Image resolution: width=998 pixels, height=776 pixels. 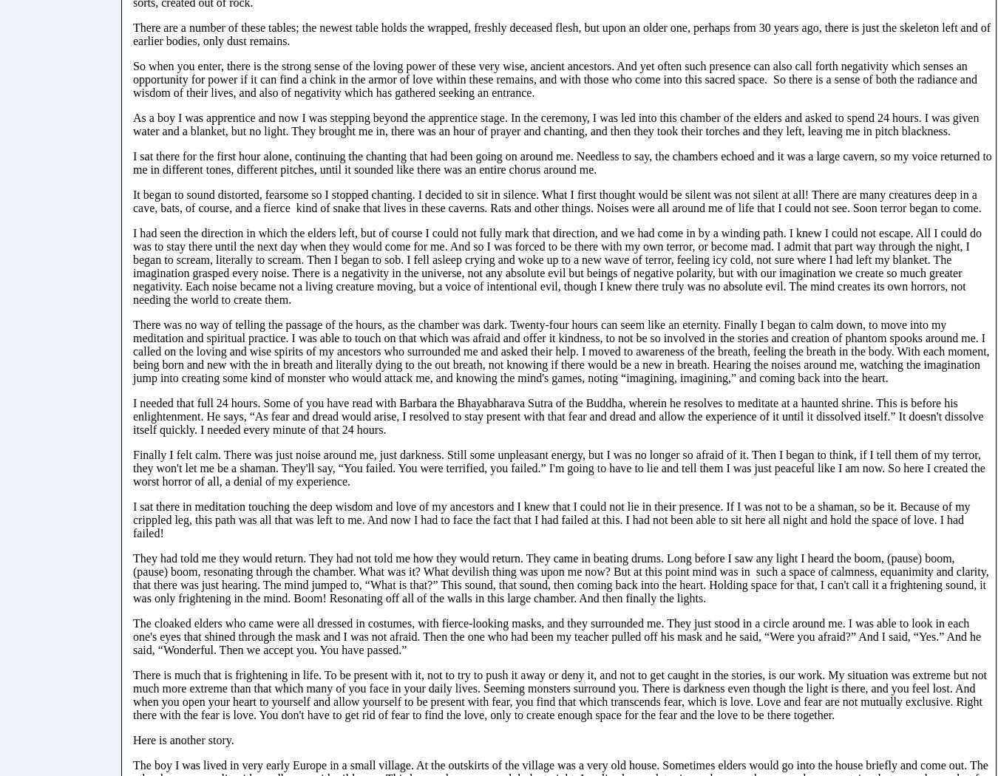 I want to click on 'There is much that is frightening in life. To be present with it, not to try to push it away or deny it, and not to get caught in the stories, is our work. My situation was extreme but not much more extreme than that which many of you face in your daily lives. Seeming monsters surround you. There is darkness even though the light is there, and you feel lost. And when you open your heart to yourself and allow yourself to be present with fear, you find that which transcends fear, which is love. Love and fear are not mutually exclusive. Right there with the fear is love. You don't have to get rid of fear to find the love, only to create enough space for the fear and the love to be there together.', so click(x=558, y=693).